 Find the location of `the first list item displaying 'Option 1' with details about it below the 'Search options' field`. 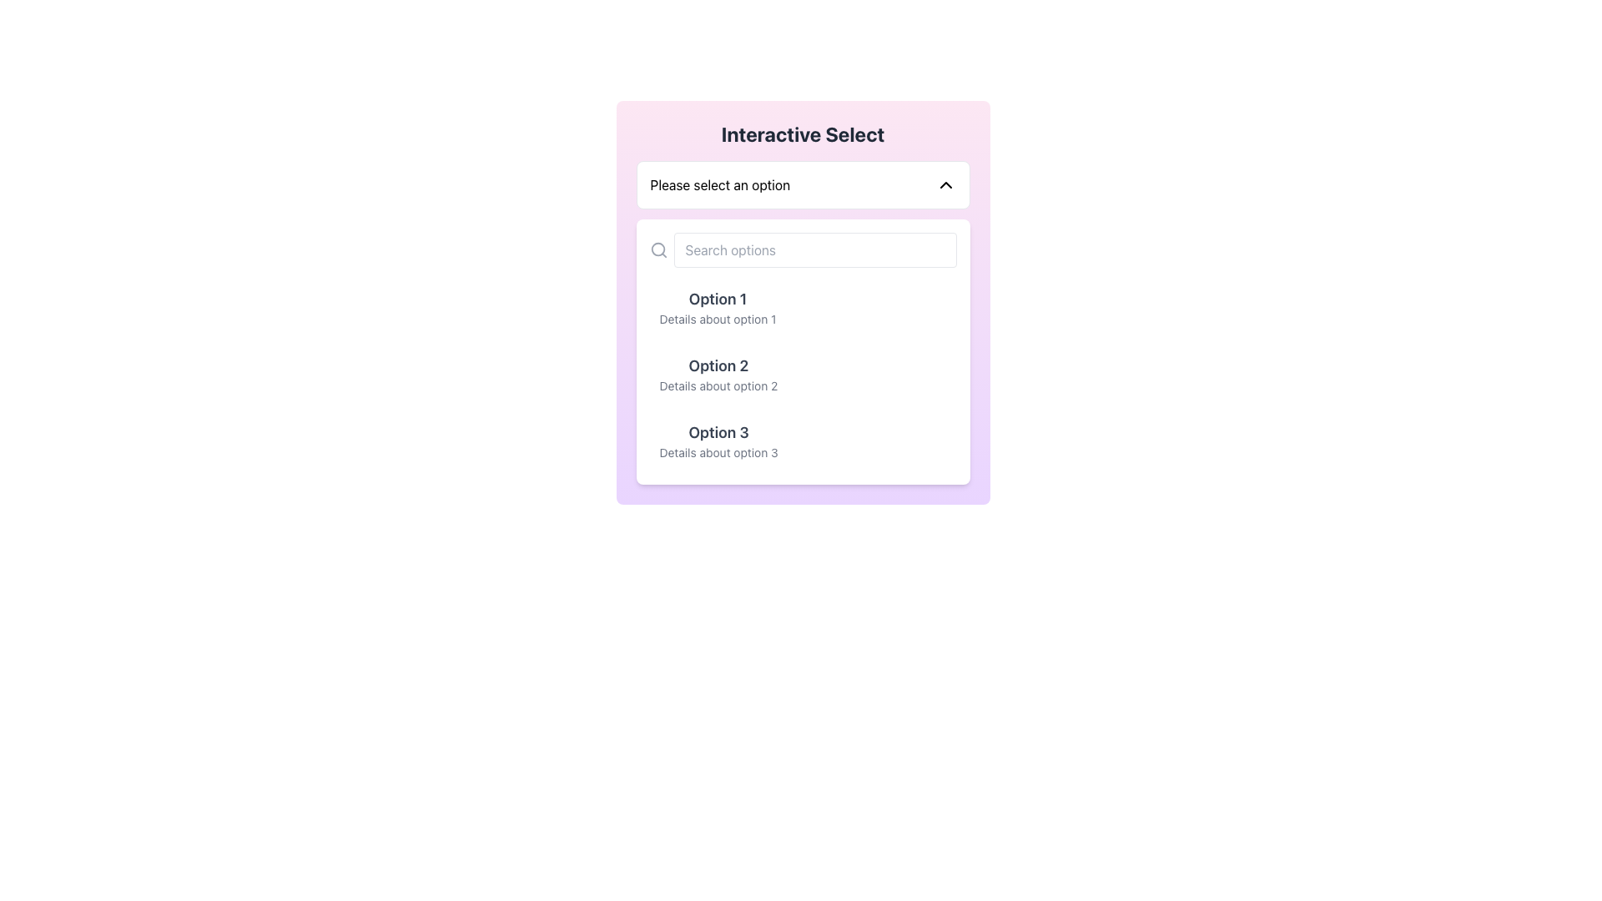

the first list item displaying 'Option 1' with details about it below the 'Search options' field is located at coordinates (803, 308).